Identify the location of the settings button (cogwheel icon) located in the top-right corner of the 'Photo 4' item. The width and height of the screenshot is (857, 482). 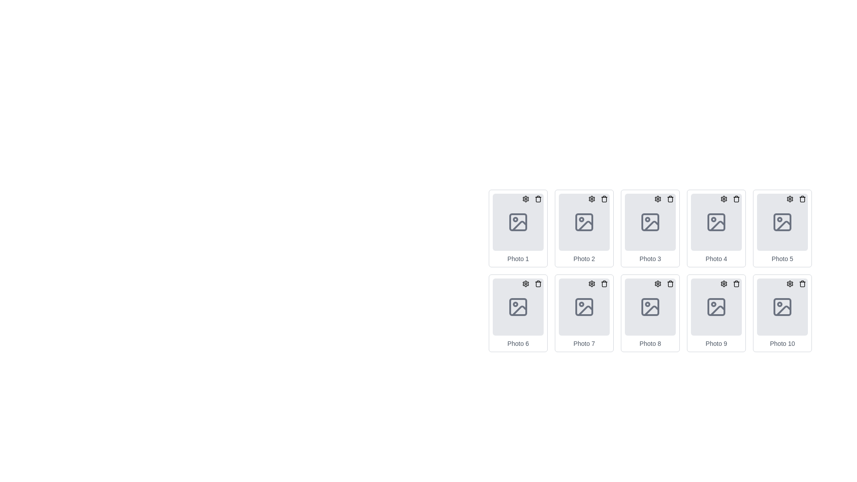
(724, 199).